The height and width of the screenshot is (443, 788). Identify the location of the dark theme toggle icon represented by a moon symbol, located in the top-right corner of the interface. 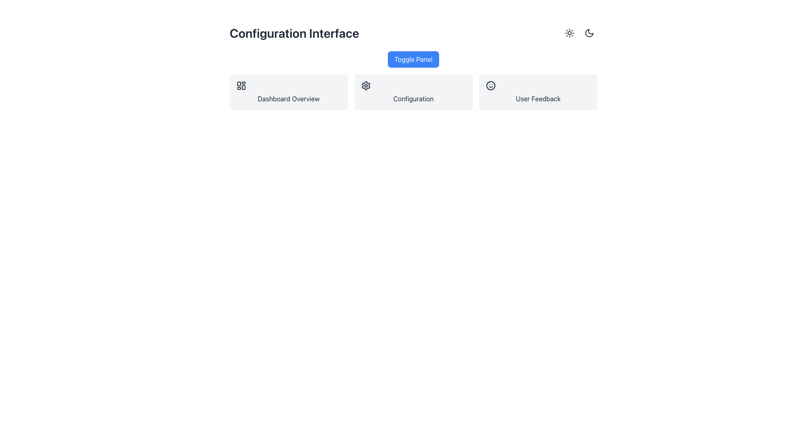
(589, 33).